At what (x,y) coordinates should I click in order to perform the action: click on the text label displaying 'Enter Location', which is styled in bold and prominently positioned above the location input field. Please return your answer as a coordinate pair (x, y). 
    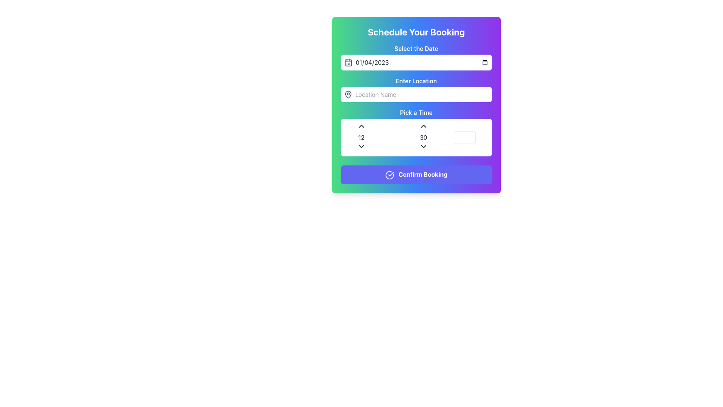
    Looking at the image, I should click on (416, 81).